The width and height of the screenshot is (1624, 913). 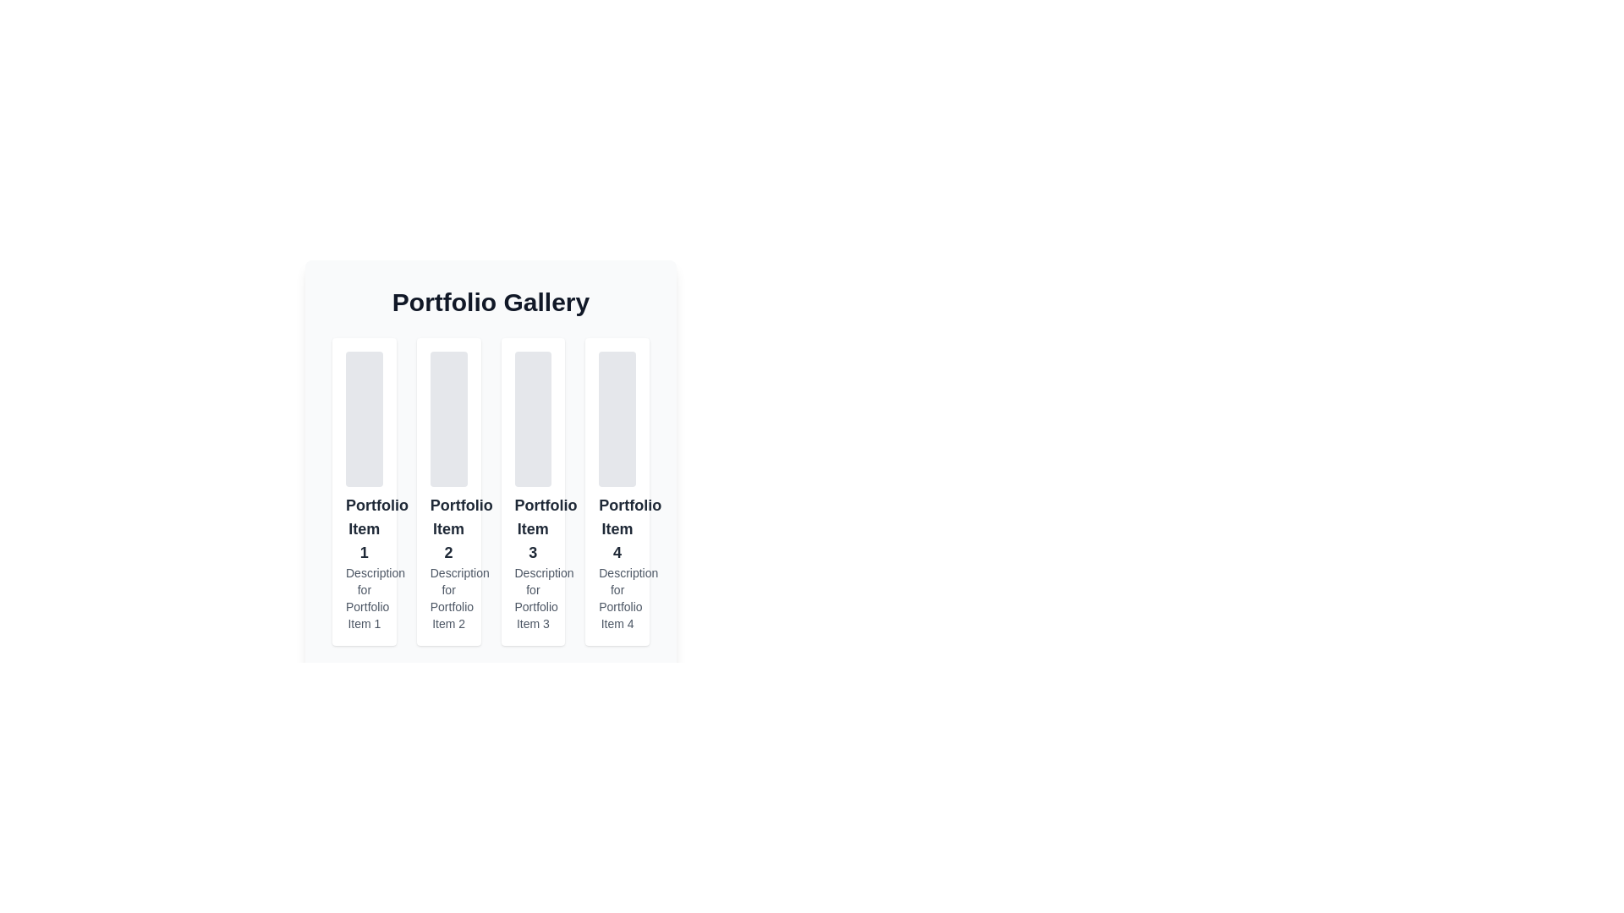 What do you see at coordinates (448, 418) in the screenshot?
I see `the visual placeholder for media or content associated with the card titled 'Portfolio Item 2', located at the top portion of the second card in a four-card grid` at bounding box center [448, 418].